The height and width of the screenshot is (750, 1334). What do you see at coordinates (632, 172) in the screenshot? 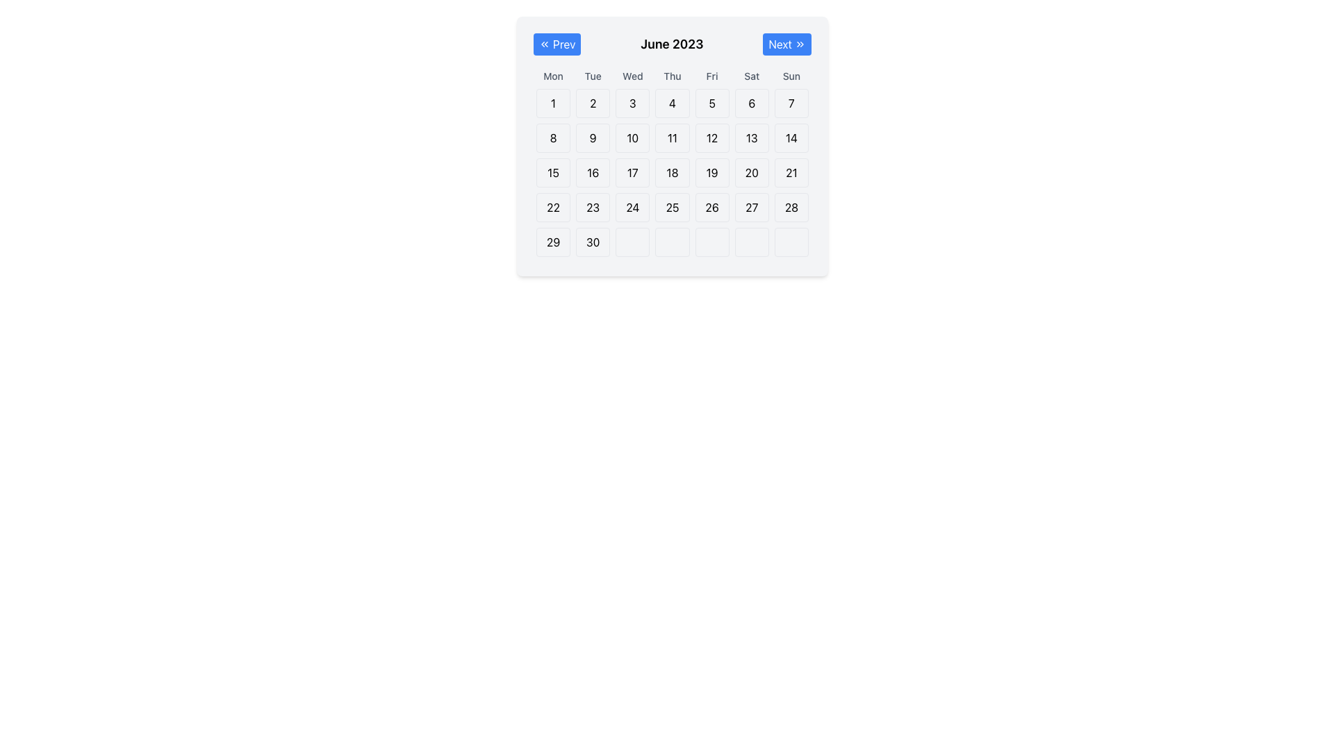
I see `the square button with rounded corners displaying the number '17'` at bounding box center [632, 172].